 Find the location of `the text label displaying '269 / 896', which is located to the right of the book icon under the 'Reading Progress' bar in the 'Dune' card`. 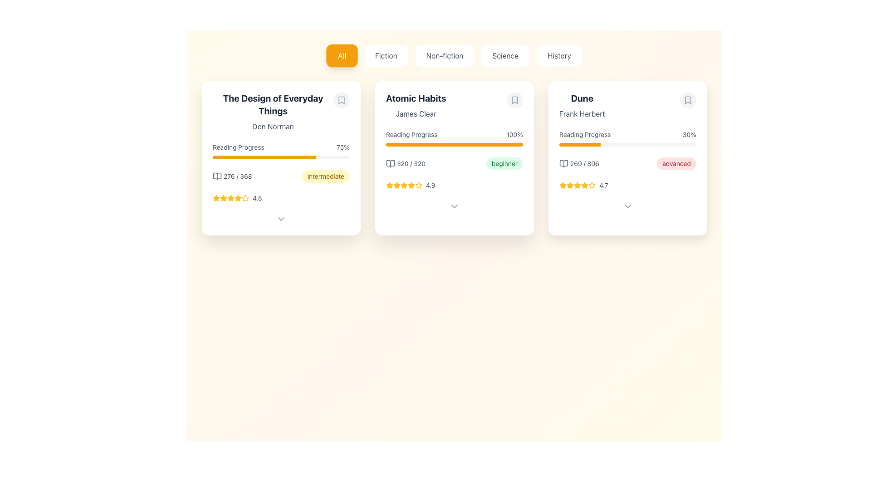

the text label displaying '269 / 896', which is located to the right of the book icon under the 'Reading Progress' bar in the 'Dune' card is located at coordinates (584, 164).